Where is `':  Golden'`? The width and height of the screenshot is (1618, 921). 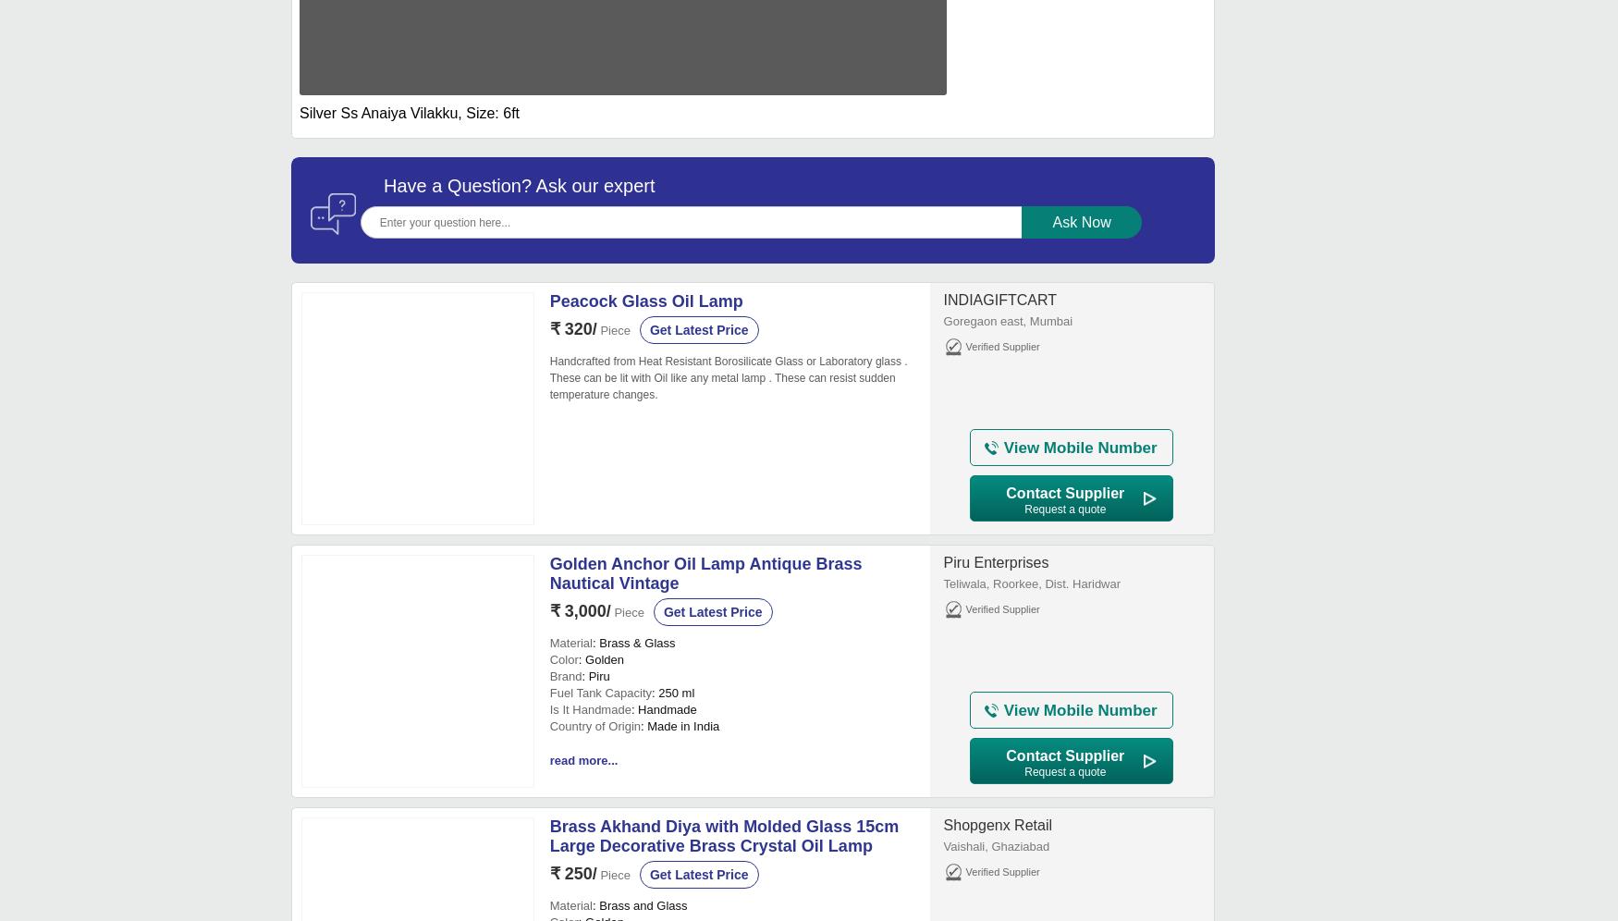
':  Golden' is located at coordinates (599, 658).